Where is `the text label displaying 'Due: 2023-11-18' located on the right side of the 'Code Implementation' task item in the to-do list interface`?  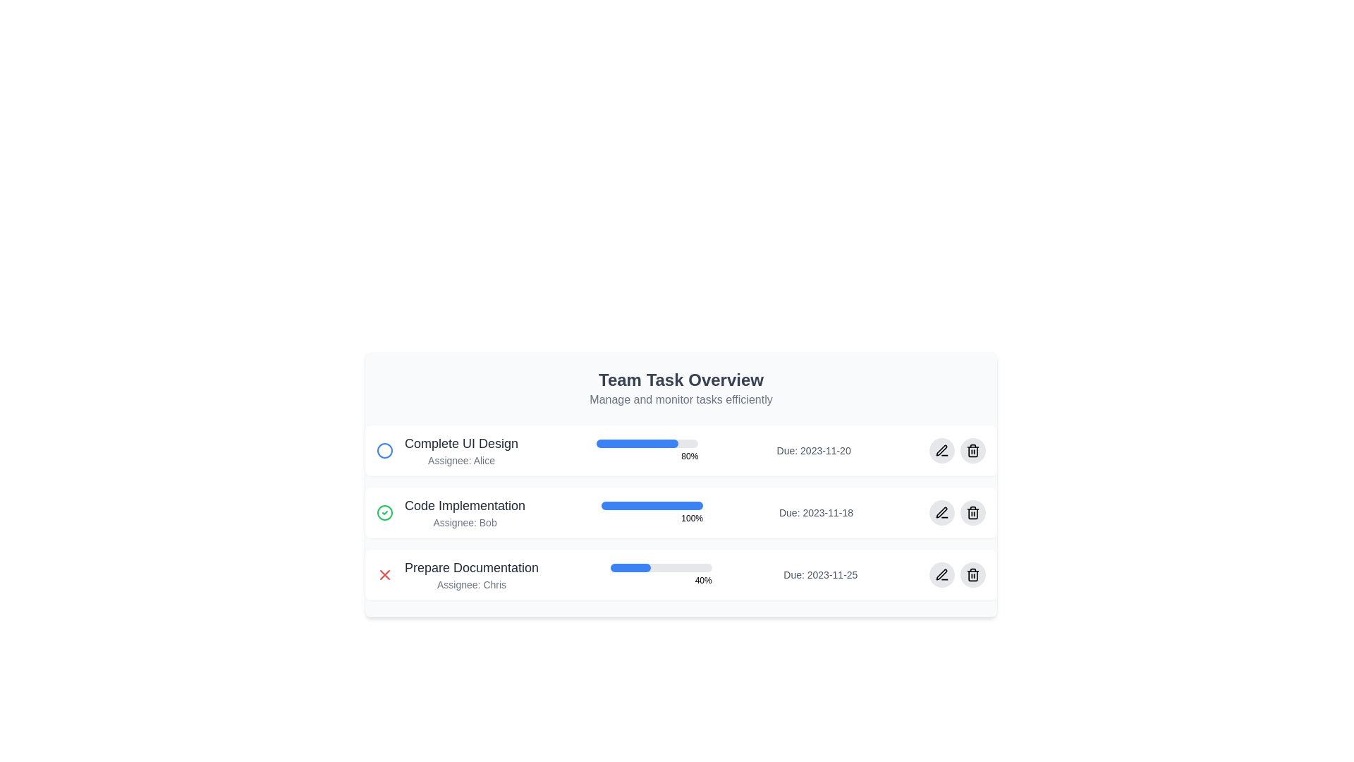
the text label displaying 'Due: 2023-11-18' located on the right side of the 'Code Implementation' task item in the to-do list interface is located at coordinates (816, 512).